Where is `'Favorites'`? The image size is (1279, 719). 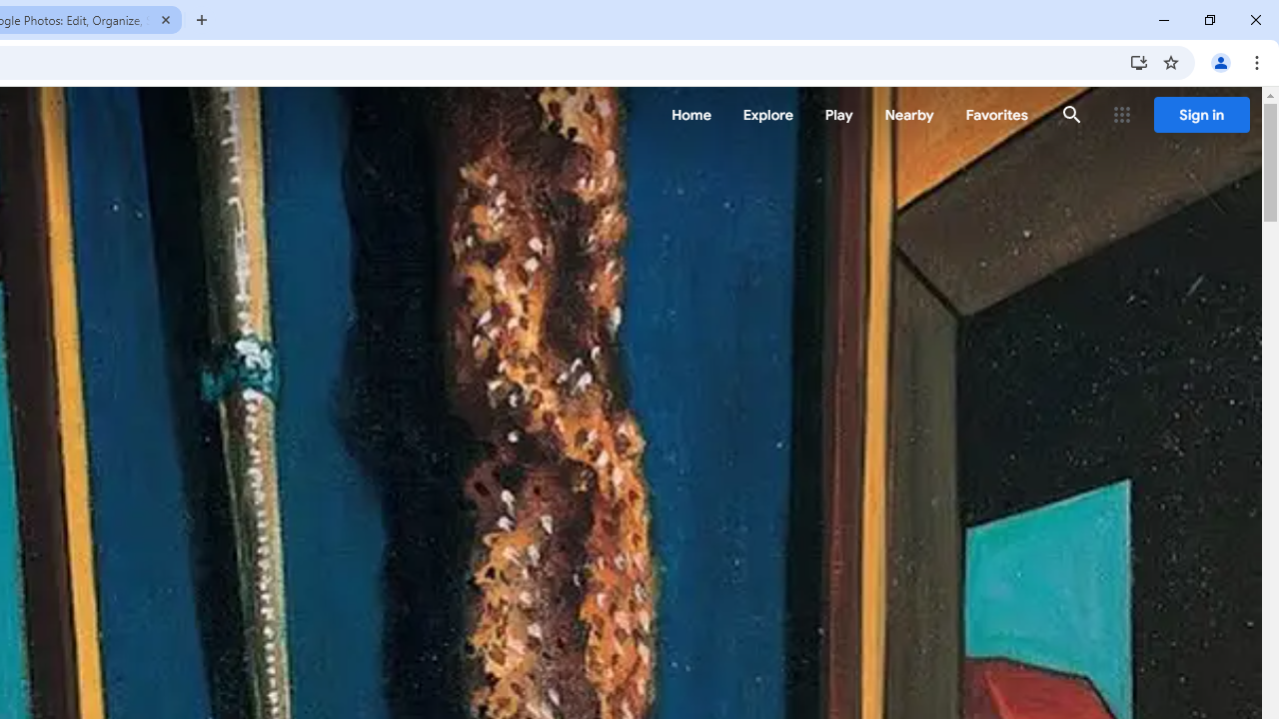
'Favorites' is located at coordinates (996, 115).